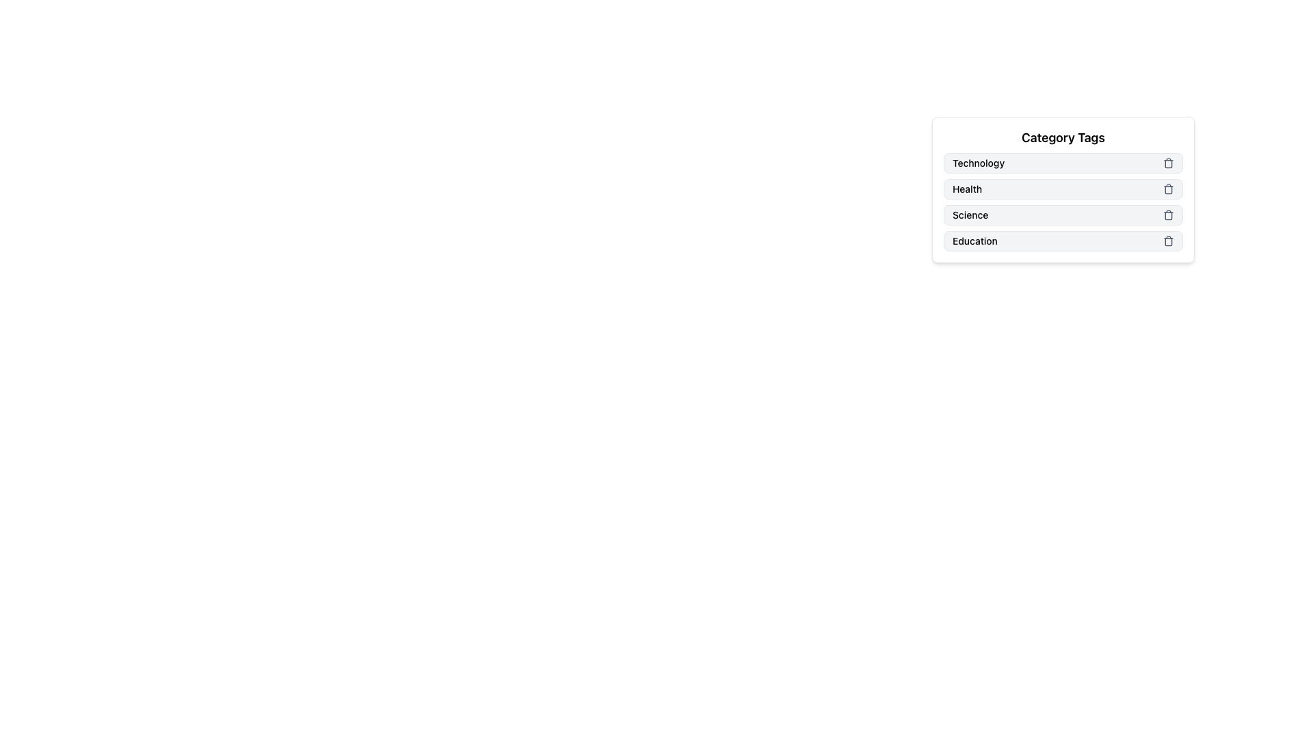 This screenshot has height=738, width=1313. Describe the element at coordinates (966, 189) in the screenshot. I see `the text label displaying 'Health' in bold within the light gray rectangular box, which is the second item in the vertical list of 'Category Tags'` at that location.